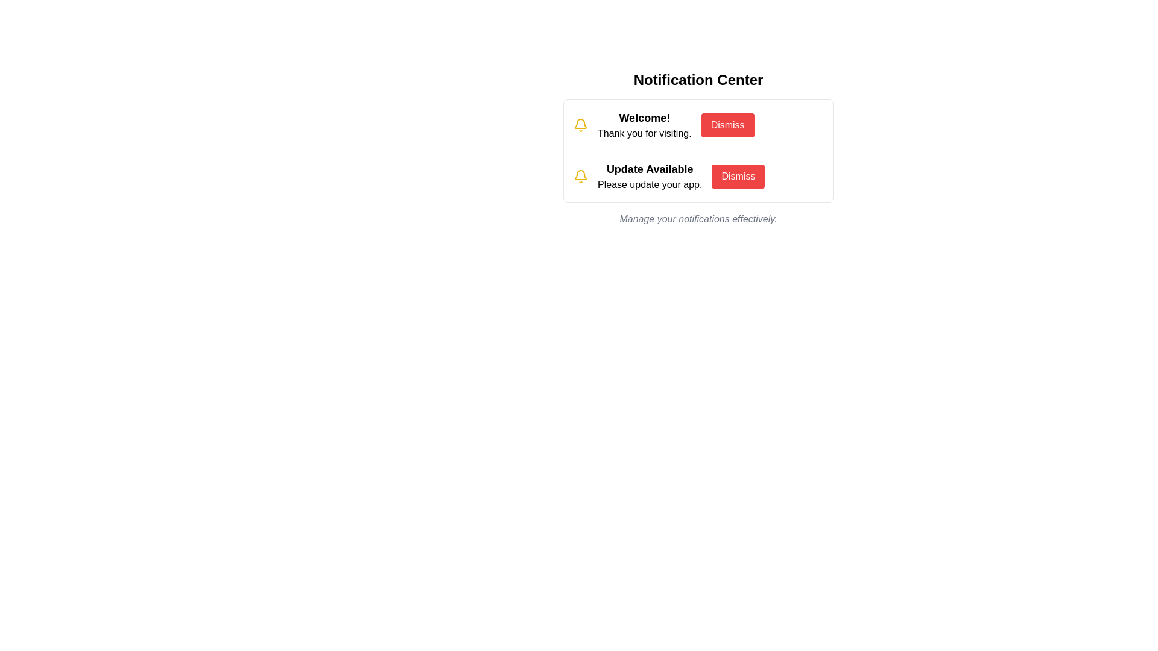 This screenshot has height=651, width=1158. What do you see at coordinates (581, 177) in the screenshot?
I see `the yellow bell icon located in the second row of the notification panel, to the left of the 'Update Available' title` at bounding box center [581, 177].